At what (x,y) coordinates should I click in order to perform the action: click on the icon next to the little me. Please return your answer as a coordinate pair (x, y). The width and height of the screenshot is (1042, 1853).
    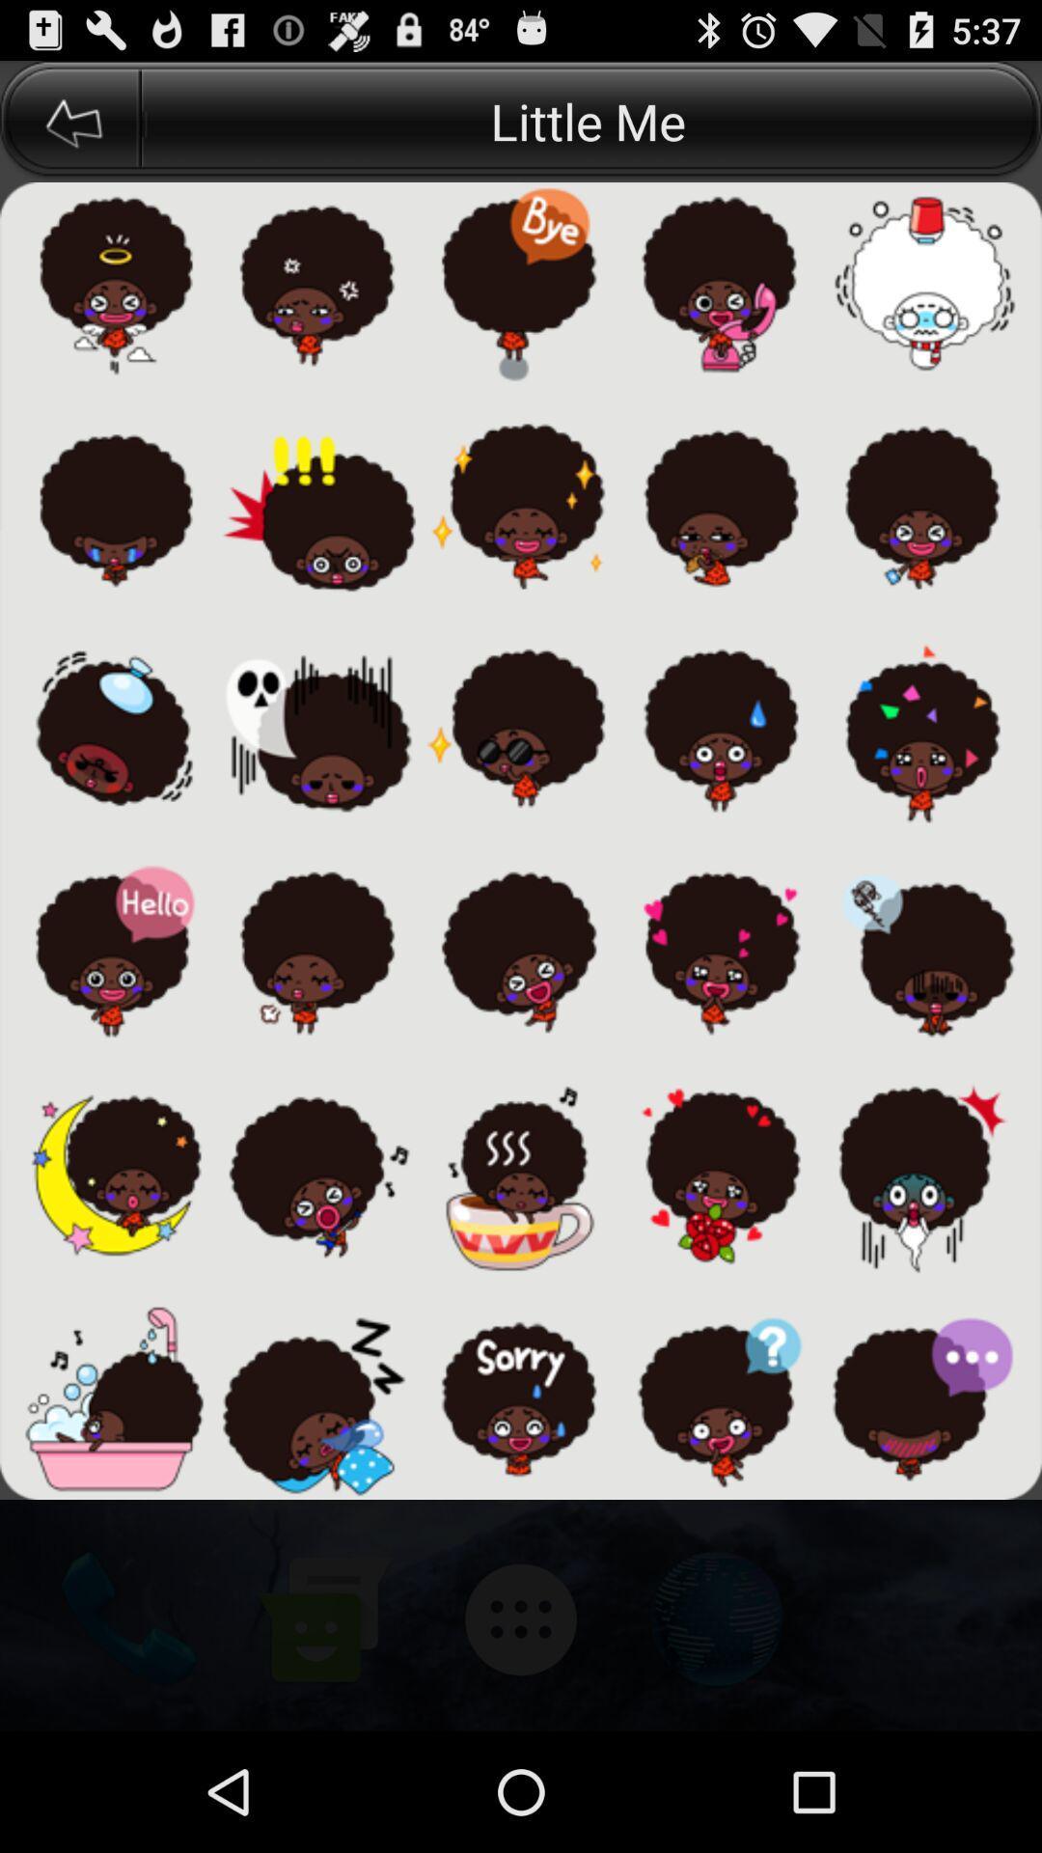
    Looking at the image, I should click on (69, 120).